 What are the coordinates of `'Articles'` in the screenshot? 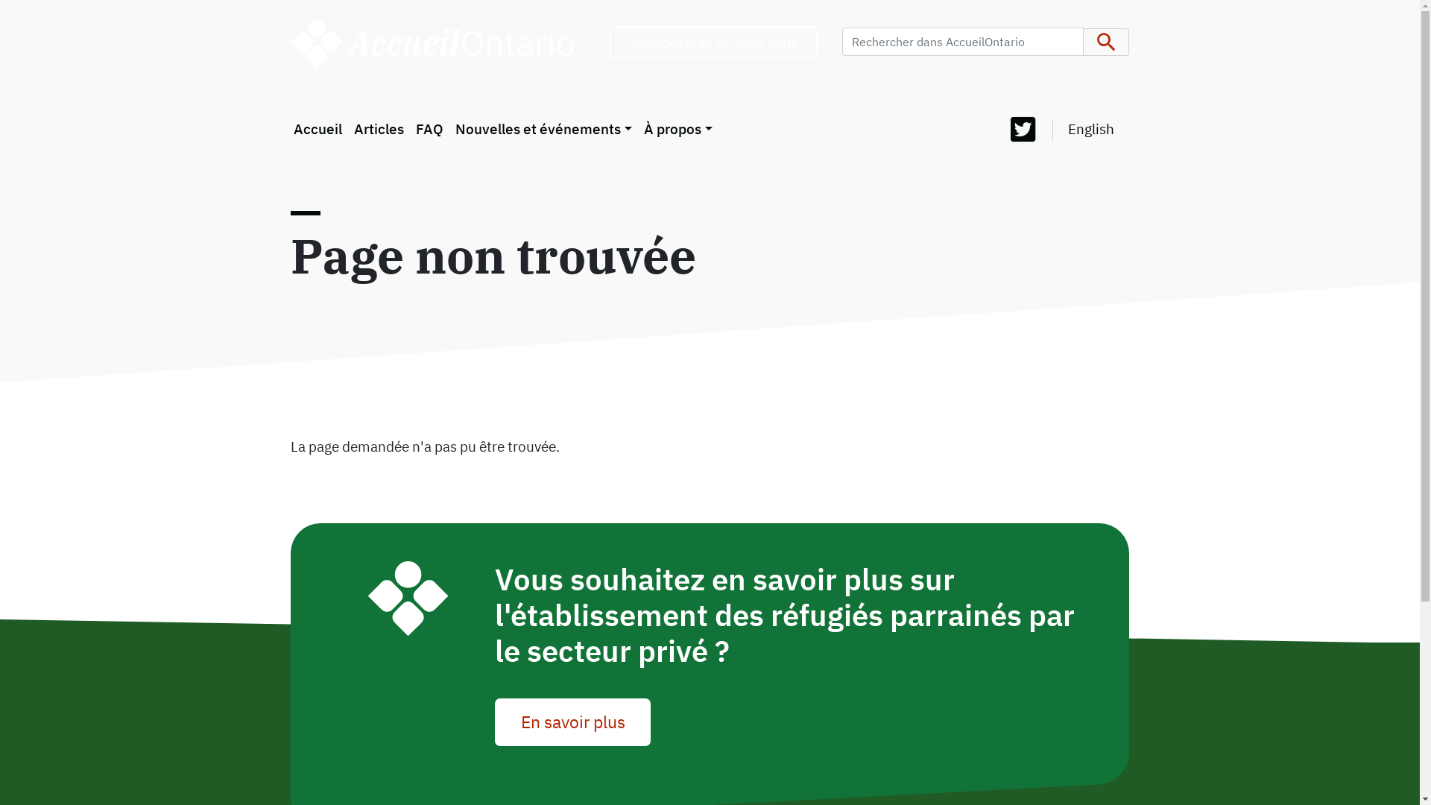 It's located at (379, 128).